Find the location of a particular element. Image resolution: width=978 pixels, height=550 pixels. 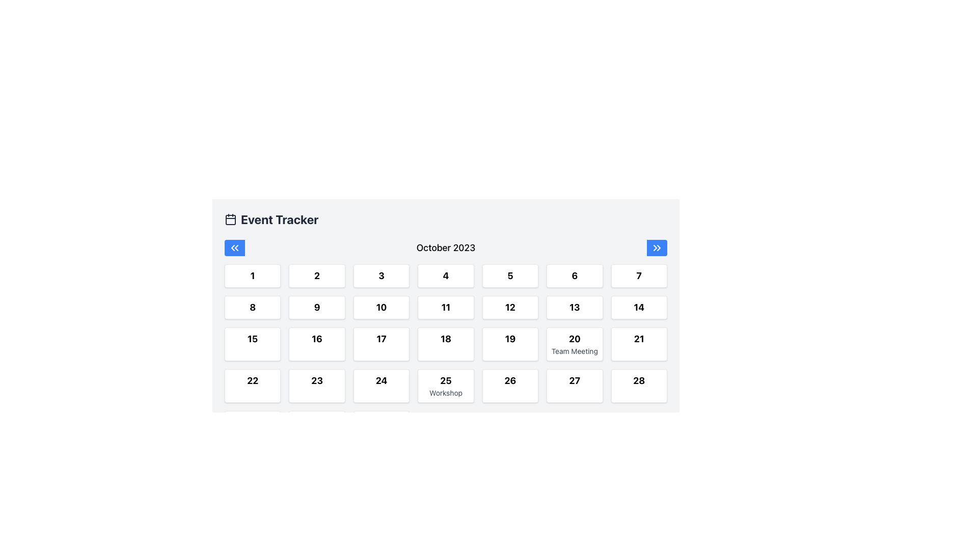

the Calendar Date Box displaying the number '17', which is a rectangular box with a white background, bold black font, and rounded corners, located in the third row and third column of the calendar layout is located at coordinates (381, 344).